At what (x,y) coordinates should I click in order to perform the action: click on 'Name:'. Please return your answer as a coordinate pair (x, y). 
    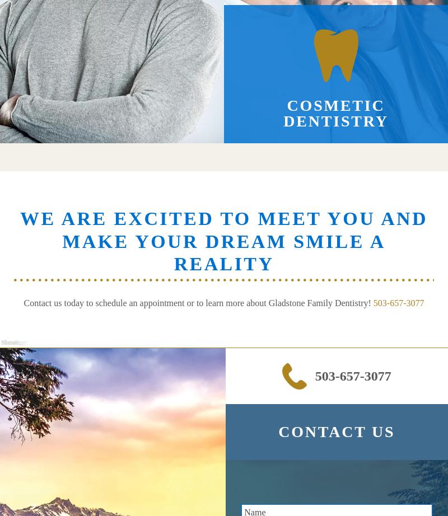
    Looking at the image, I should click on (11, 343).